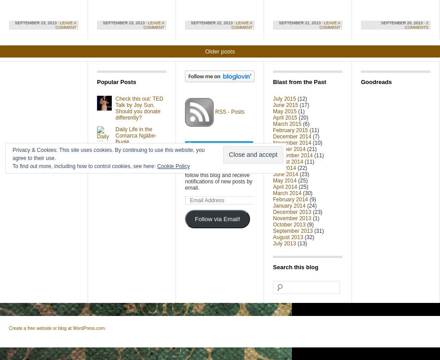  What do you see at coordinates (284, 111) in the screenshot?
I see `'May 2015'` at bounding box center [284, 111].